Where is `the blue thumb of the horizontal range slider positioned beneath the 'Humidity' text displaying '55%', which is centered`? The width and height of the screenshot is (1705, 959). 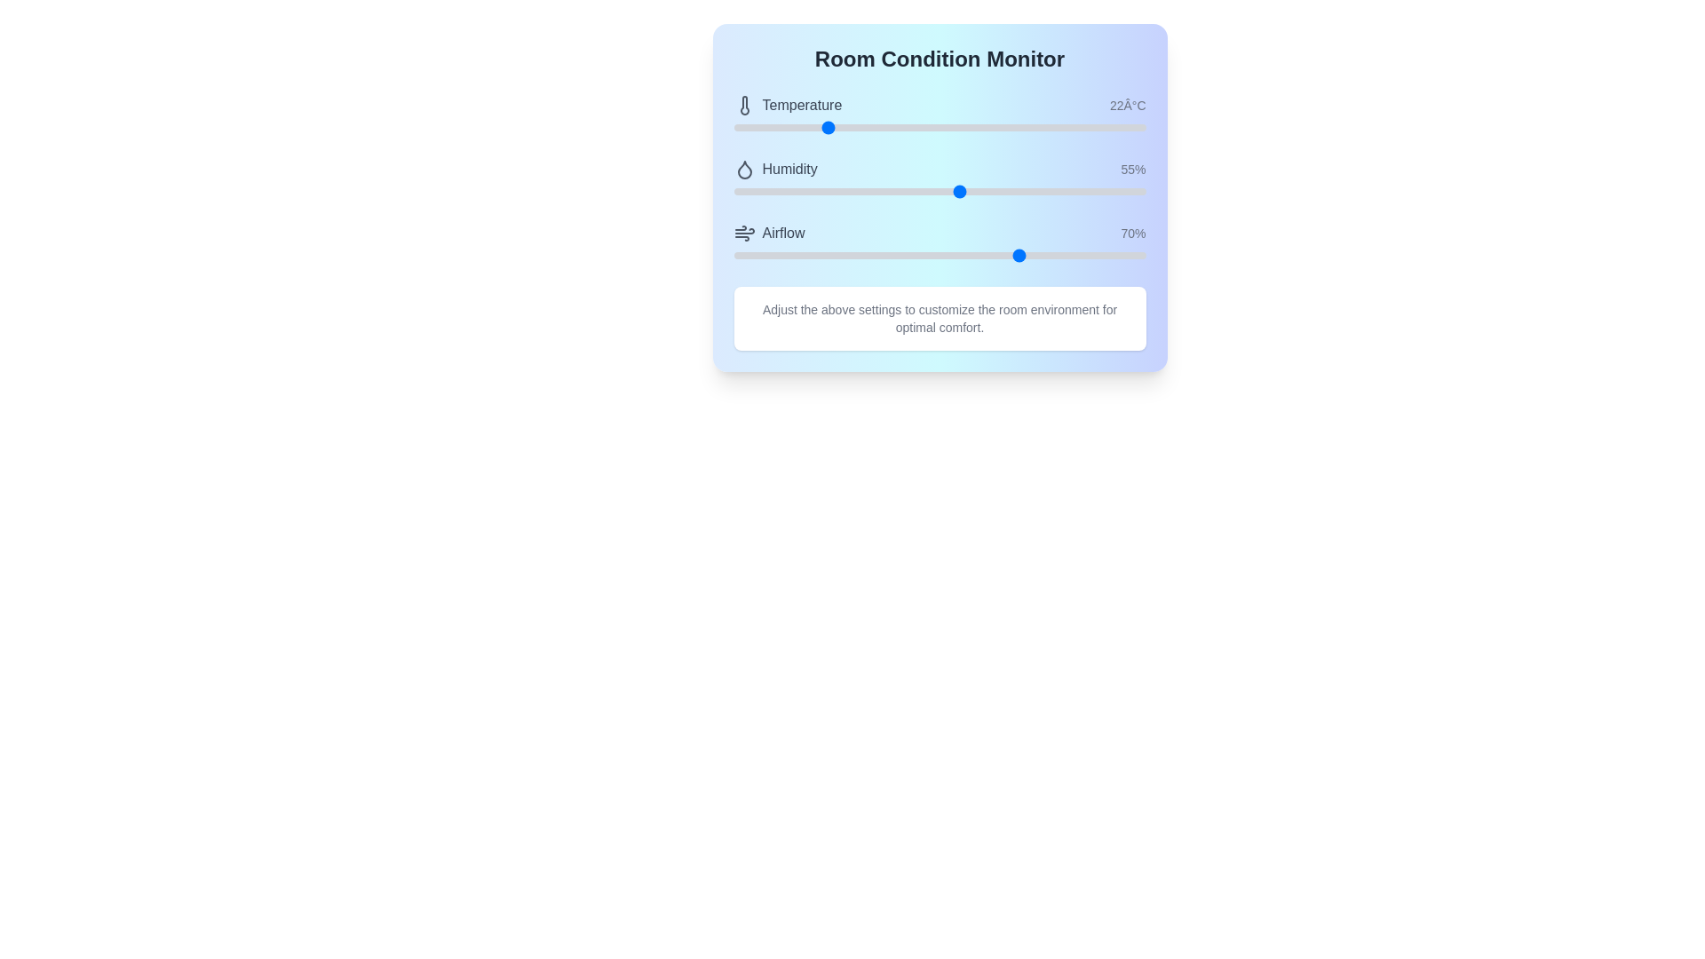 the blue thumb of the horizontal range slider positioned beneath the 'Humidity' text displaying '55%', which is centered is located at coordinates (939, 192).